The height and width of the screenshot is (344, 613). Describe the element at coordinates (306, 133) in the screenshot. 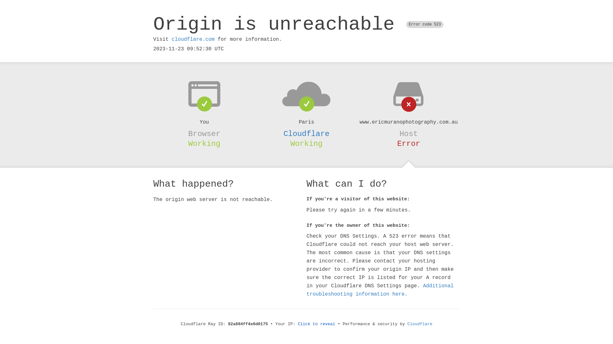

I see `'Cloudflare'` at that location.